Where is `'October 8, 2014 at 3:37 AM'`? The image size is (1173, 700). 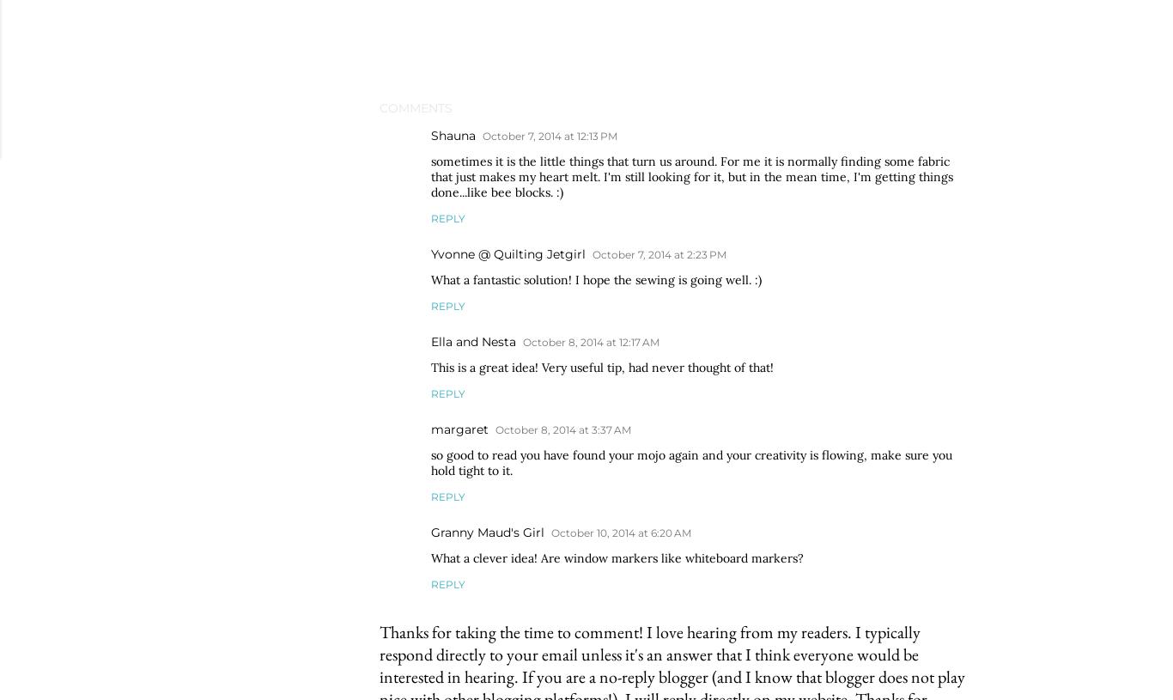
'October 8, 2014 at 3:37 AM' is located at coordinates (562, 429).